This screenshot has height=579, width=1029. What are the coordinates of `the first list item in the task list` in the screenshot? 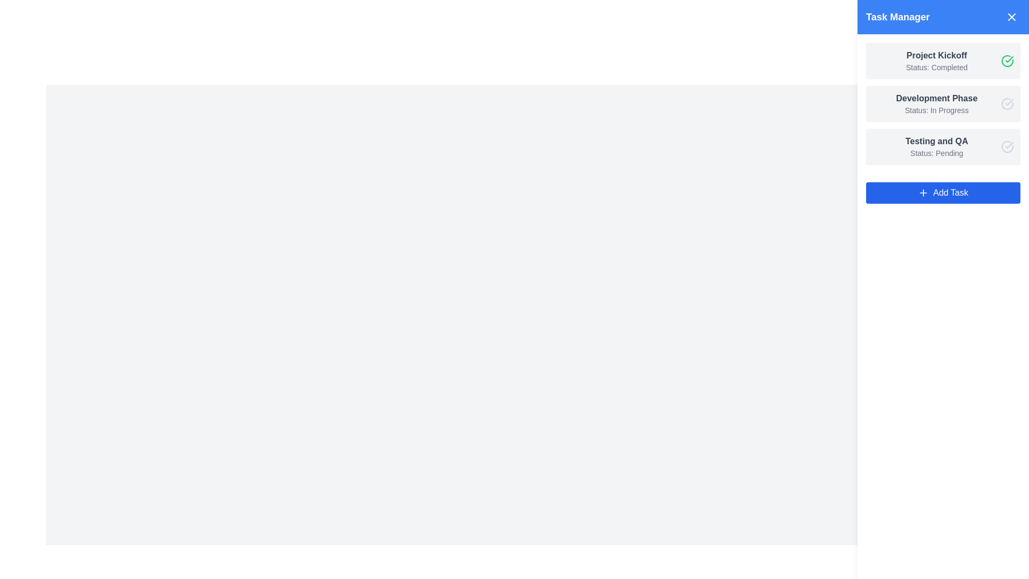 It's located at (943, 61).